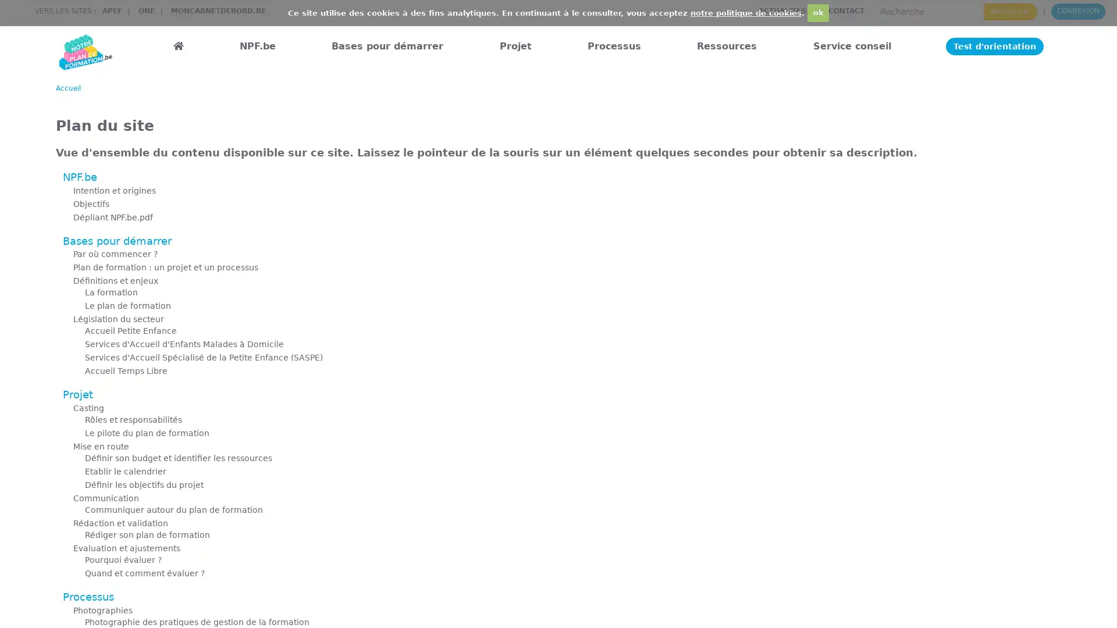  What do you see at coordinates (1010, 11) in the screenshot?
I see `Rechercher` at bounding box center [1010, 11].